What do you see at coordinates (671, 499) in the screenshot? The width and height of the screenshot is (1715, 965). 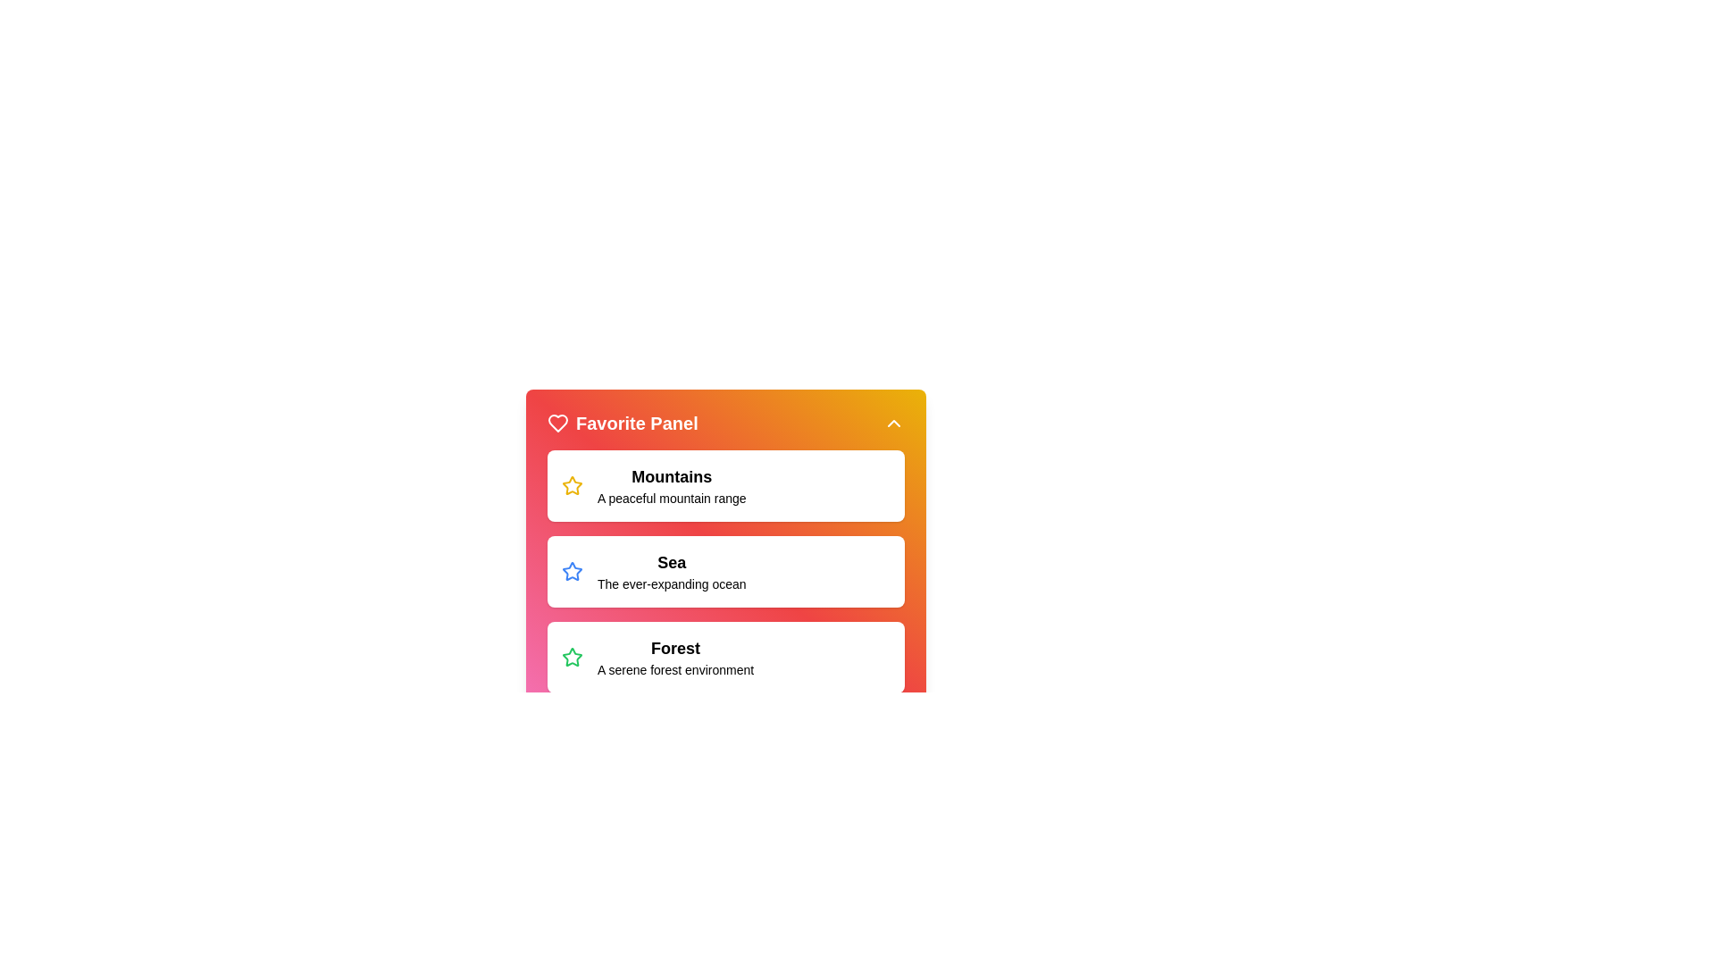 I see `the text label providing a descriptive subtitle for the 'Mountains' entry in the 'Favorite Panel', which is positioned directly underneath the 'Mountains' label` at bounding box center [671, 499].